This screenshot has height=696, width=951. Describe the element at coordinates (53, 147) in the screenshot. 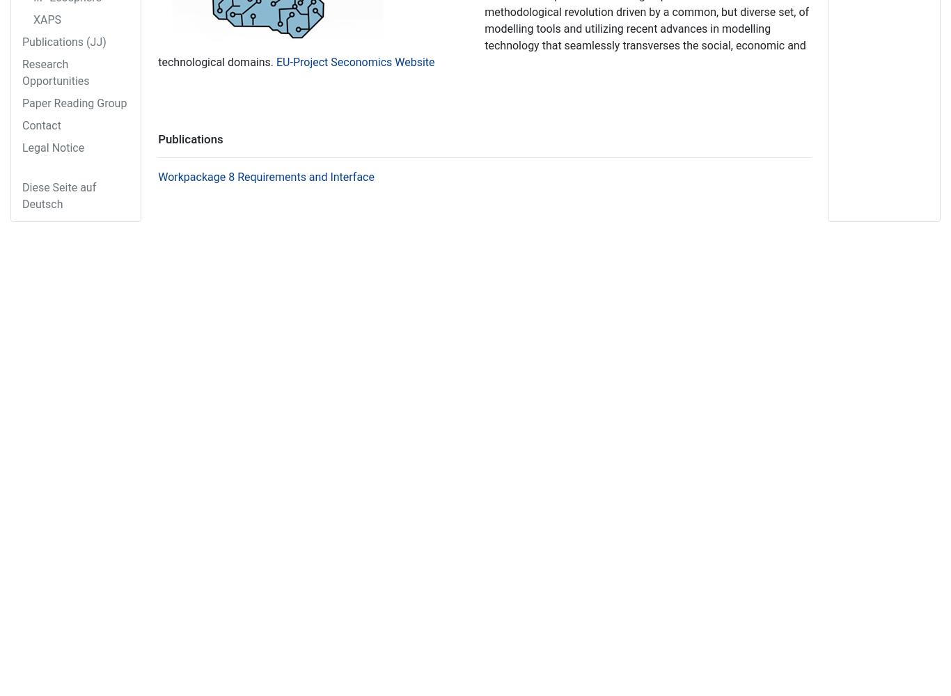

I see `'Legal Notice'` at that location.